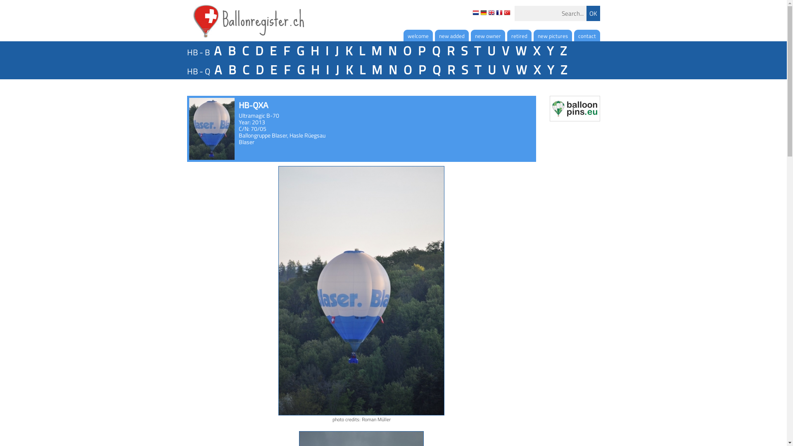 This screenshot has width=793, height=446. Describe the element at coordinates (314, 51) in the screenshot. I see `'H'` at that location.